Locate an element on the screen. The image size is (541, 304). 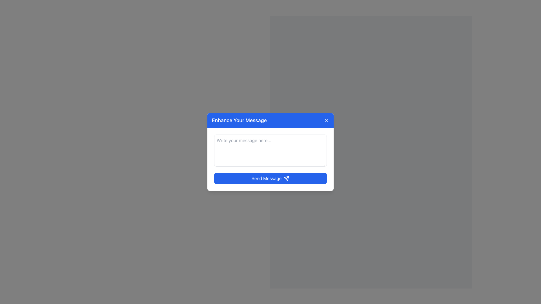
the close button located at the top-right corner of the blue header section of the popup window, adjacent to the title text 'Enhance Your Message' is located at coordinates (326, 120).